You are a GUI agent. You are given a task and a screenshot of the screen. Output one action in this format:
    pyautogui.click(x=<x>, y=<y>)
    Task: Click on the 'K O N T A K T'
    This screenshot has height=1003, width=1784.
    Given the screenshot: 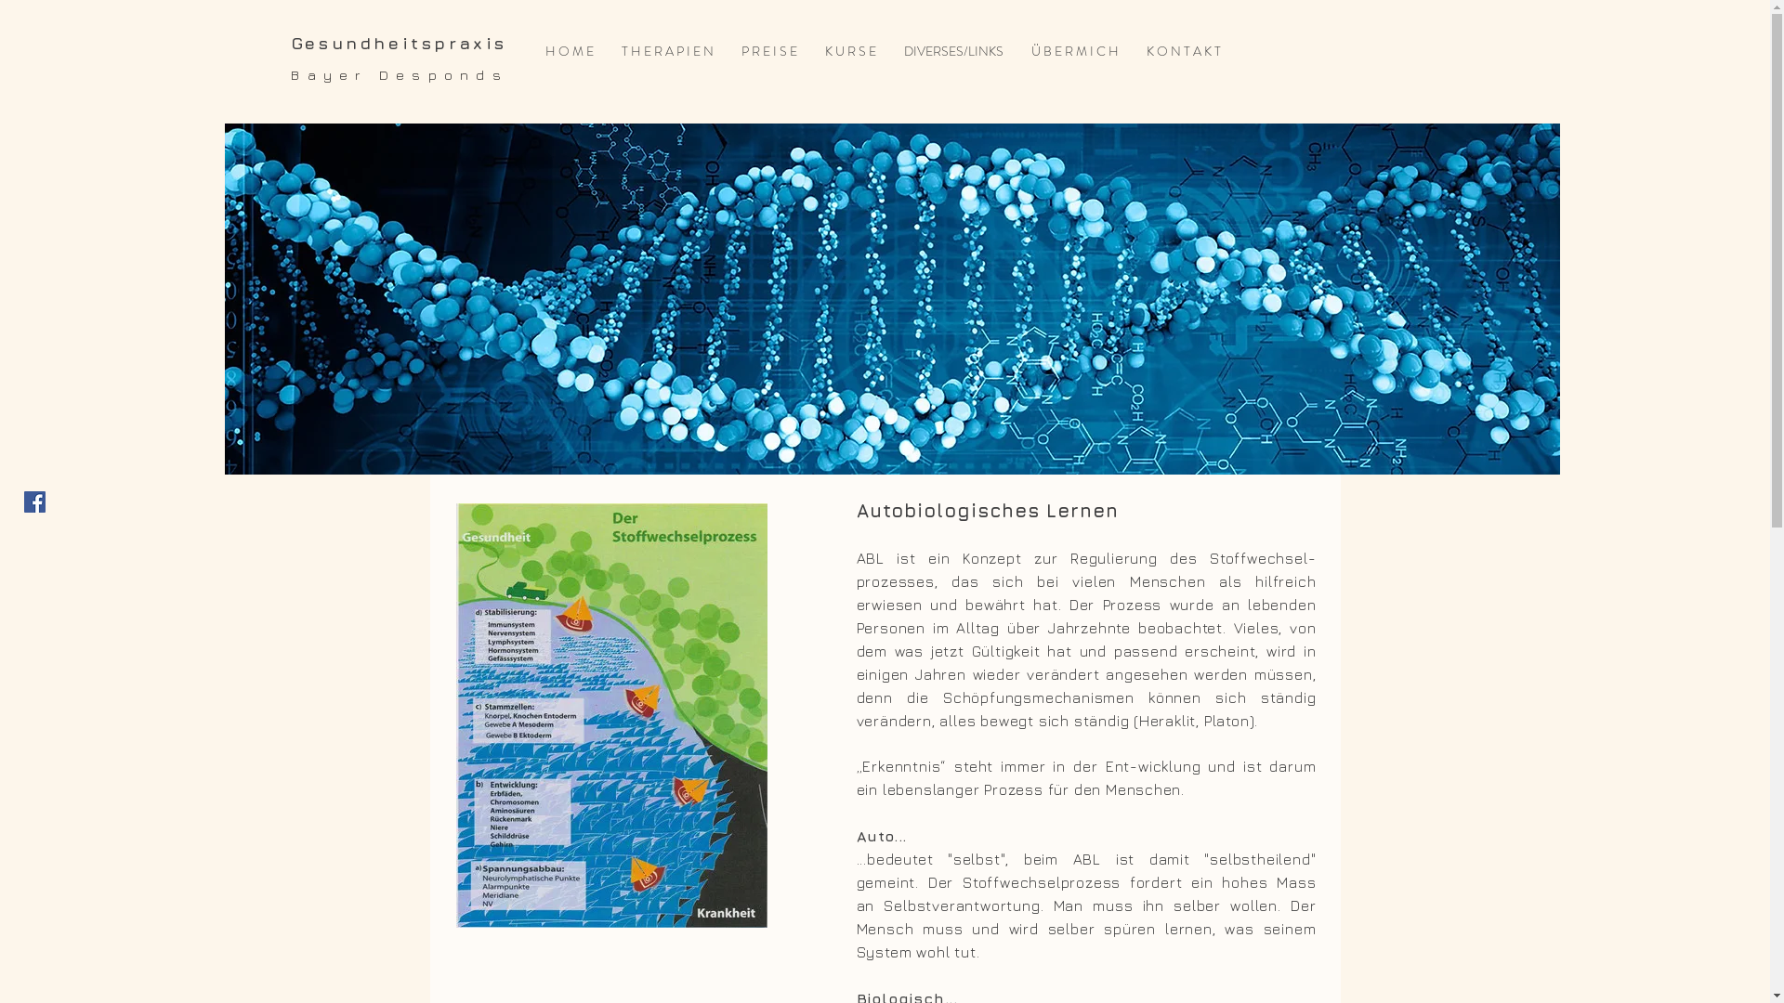 What is the action you would take?
    pyautogui.click(x=1182, y=50)
    